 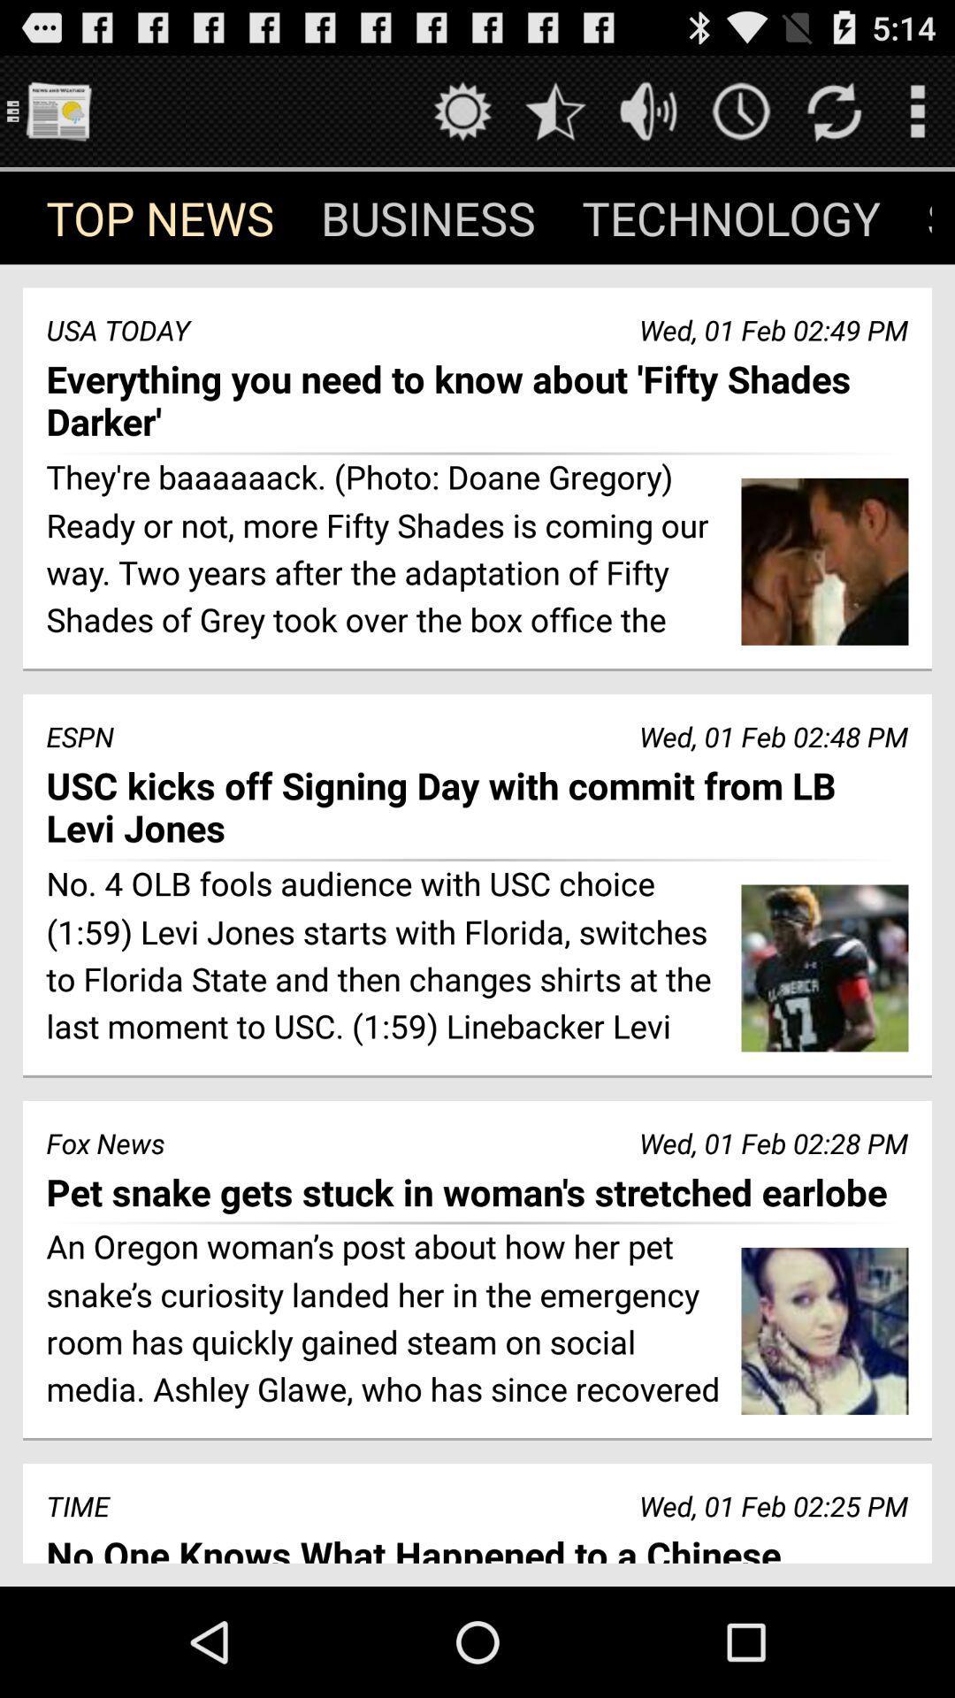 What do you see at coordinates (916, 110) in the screenshot?
I see `expand menu` at bounding box center [916, 110].